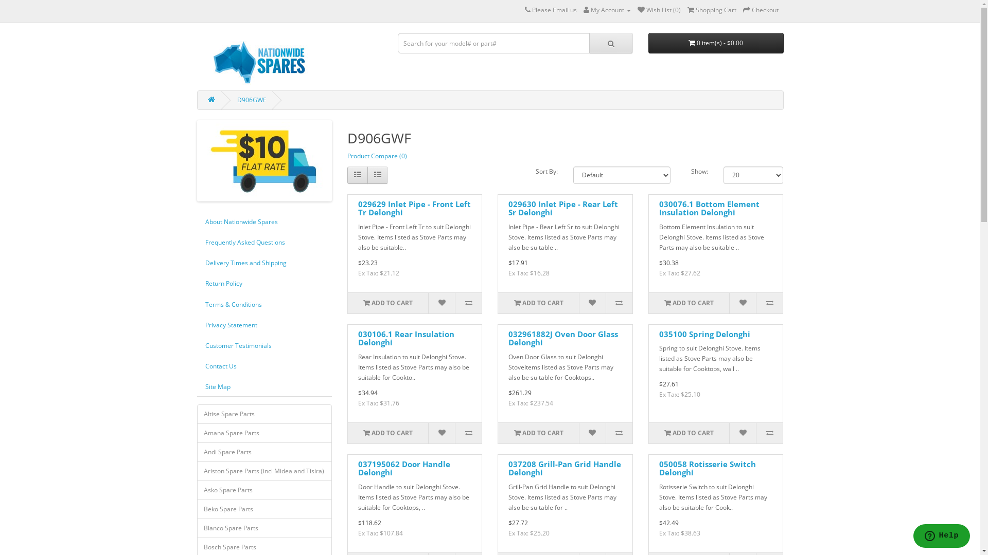 This screenshot has height=555, width=988. Describe the element at coordinates (913, 536) in the screenshot. I see `'Opens a widget where you can chat to one of our agents'` at that location.